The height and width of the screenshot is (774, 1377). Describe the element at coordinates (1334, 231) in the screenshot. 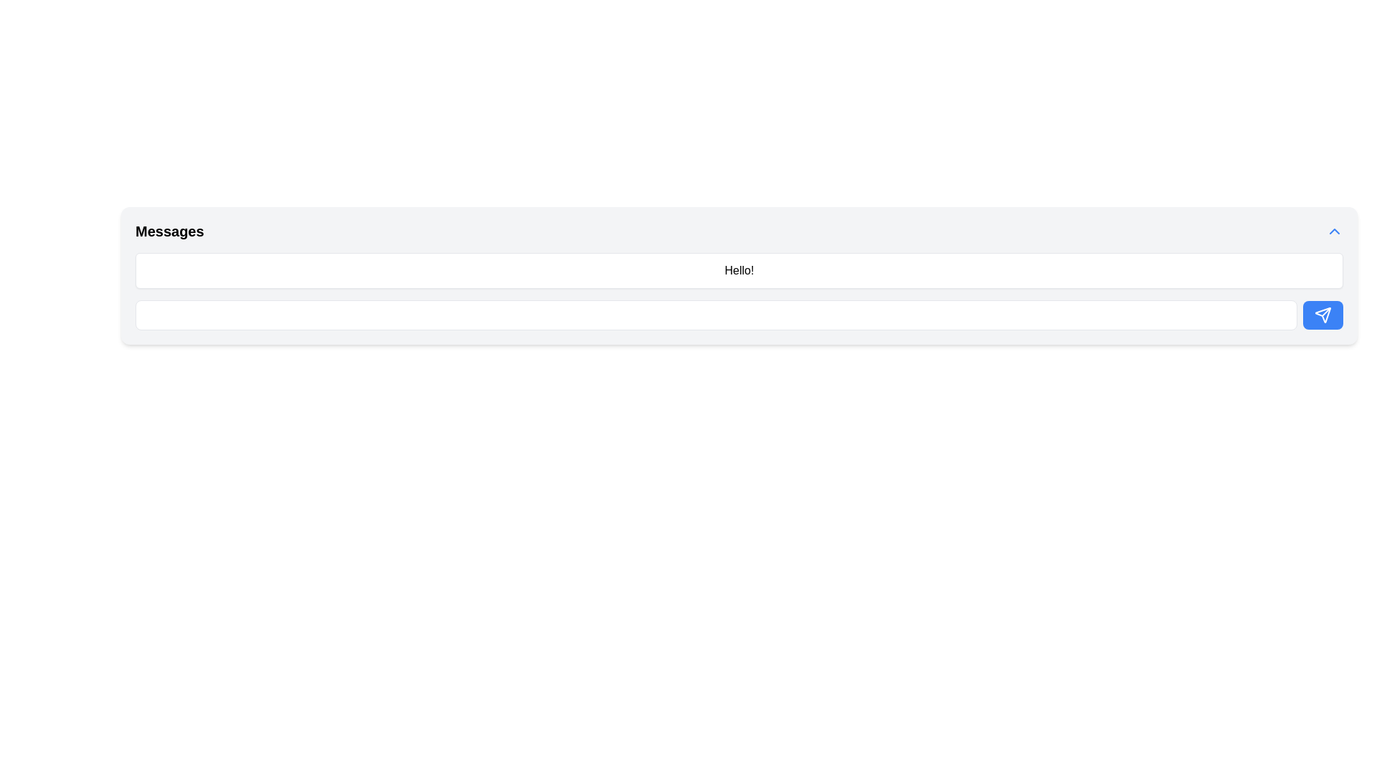

I see `the upward-pointing chevron icon in blue located at the top-right corner of the 'Messages' panel` at that location.